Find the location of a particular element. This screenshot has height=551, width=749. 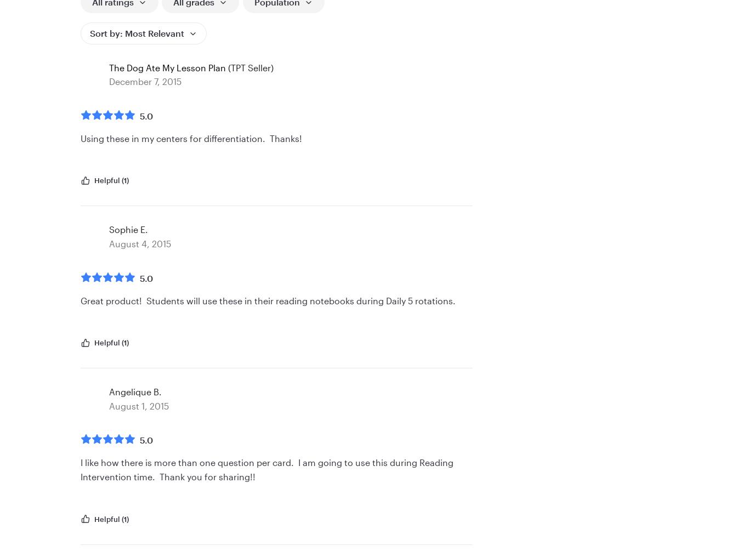

'Sophie E.' is located at coordinates (109, 229).